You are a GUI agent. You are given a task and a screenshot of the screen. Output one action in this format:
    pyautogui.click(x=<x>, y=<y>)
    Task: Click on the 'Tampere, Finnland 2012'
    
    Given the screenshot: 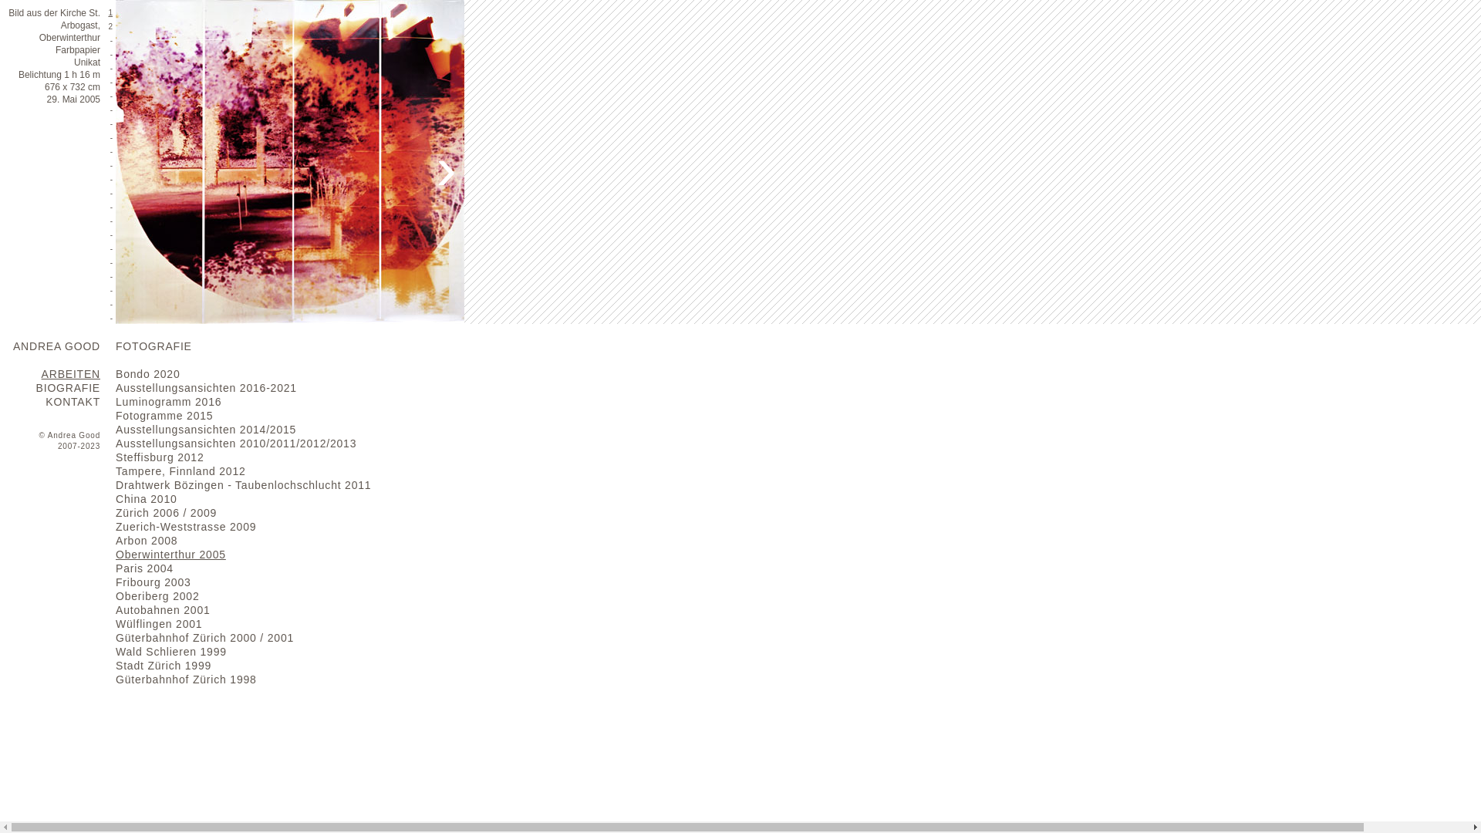 What is the action you would take?
    pyautogui.click(x=180, y=470)
    